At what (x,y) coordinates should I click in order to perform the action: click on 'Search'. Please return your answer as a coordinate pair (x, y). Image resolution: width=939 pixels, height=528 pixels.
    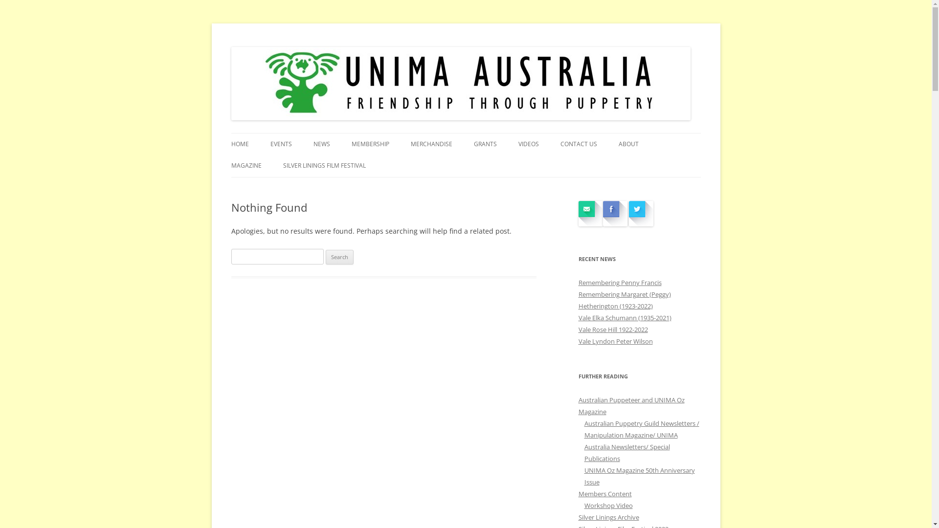
    Looking at the image, I should click on (326, 256).